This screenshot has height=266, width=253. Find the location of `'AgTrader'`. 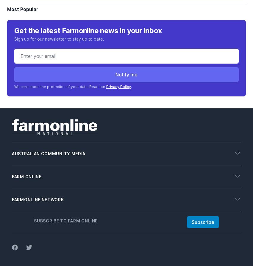

'AgTrader' is located at coordinates (21, 208).